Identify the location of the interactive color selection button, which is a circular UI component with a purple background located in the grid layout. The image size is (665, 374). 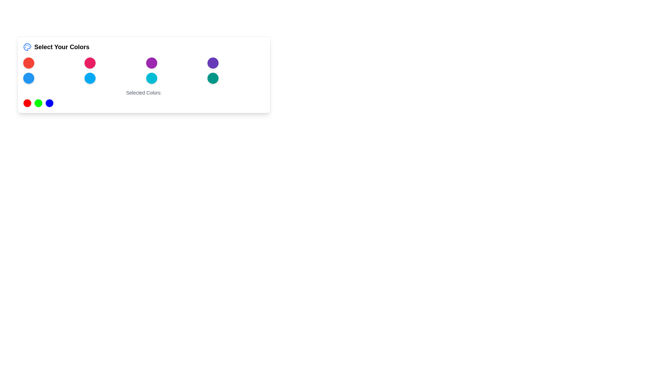
(151, 63).